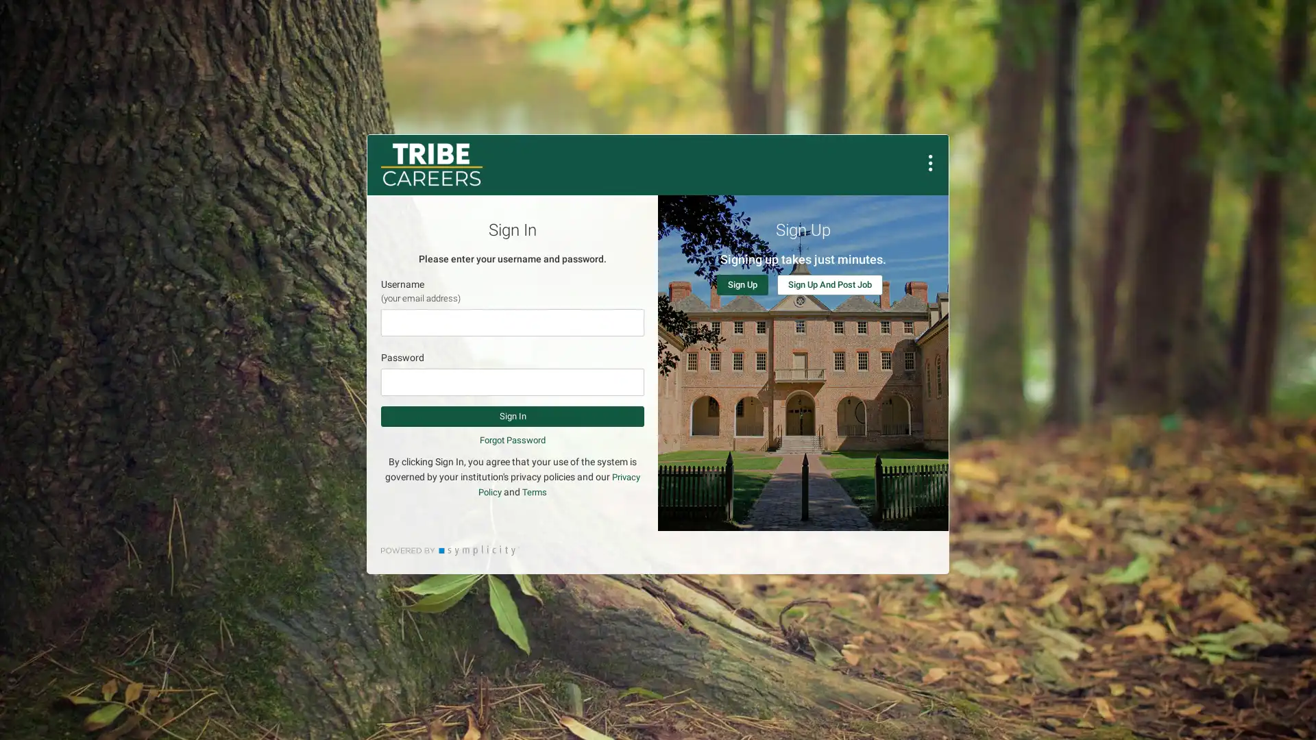  What do you see at coordinates (512, 416) in the screenshot?
I see `Sign In` at bounding box center [512, 416].